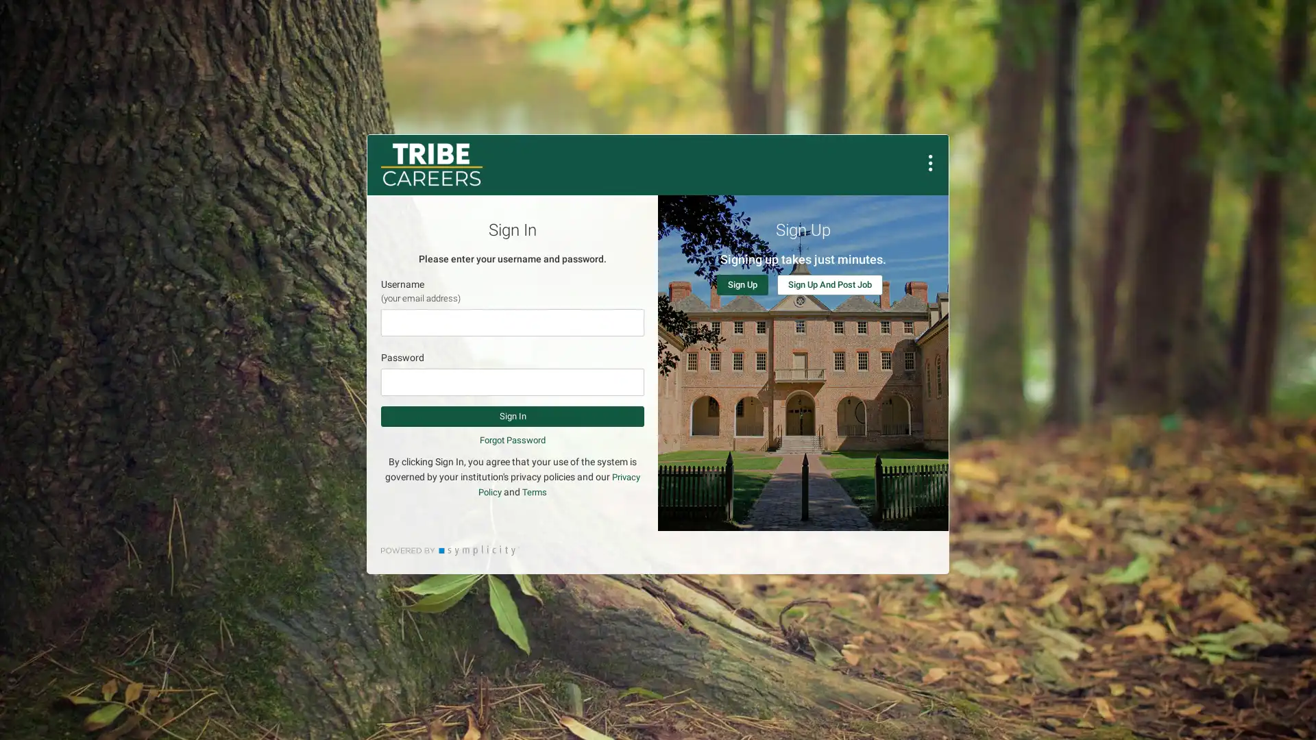  What do you see at coordinates (512, 416) in the screenshot?
I see `Sign In` at bounding box center [512, 416].